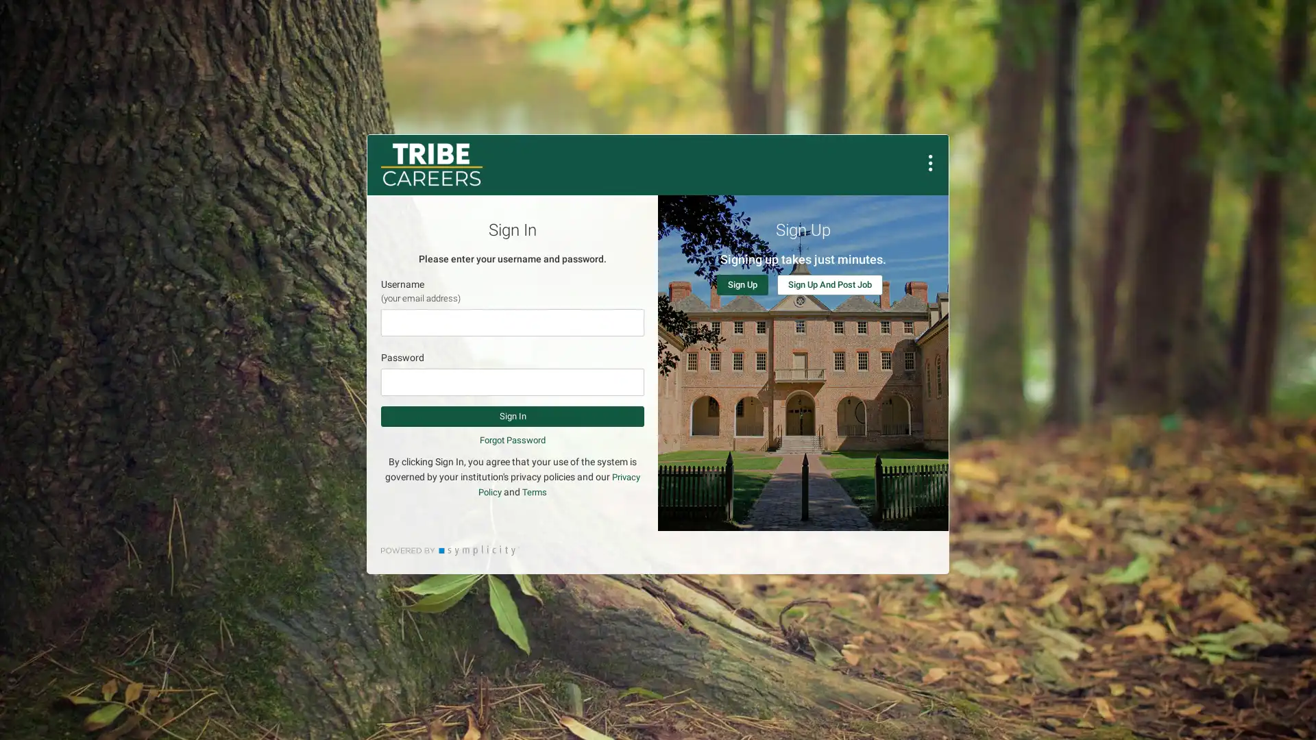  What do you see at coordinates (512, 416) in the screenshot?
I see `Sign In` at bounding box center [512, 416].